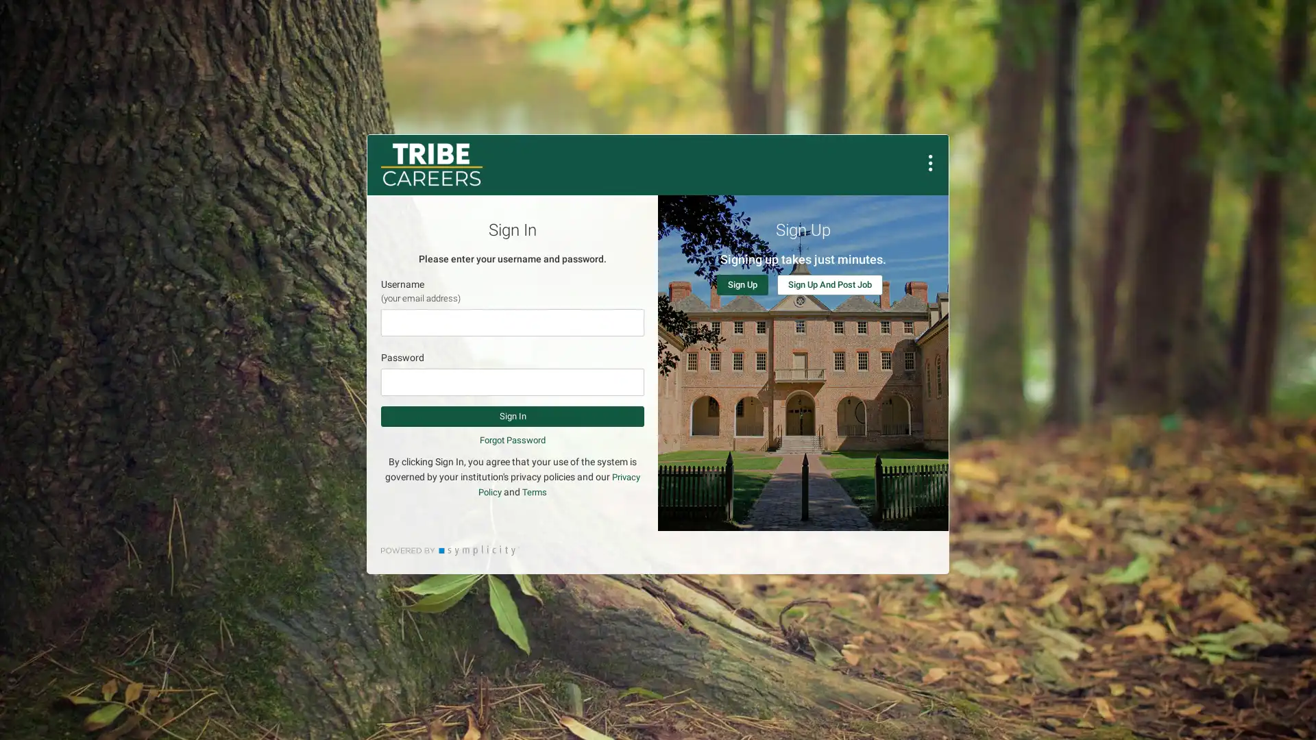  What do you see at coordinates (512, 416) in the screenshot?
I see `Sign In` at bounding box center [512, 416].